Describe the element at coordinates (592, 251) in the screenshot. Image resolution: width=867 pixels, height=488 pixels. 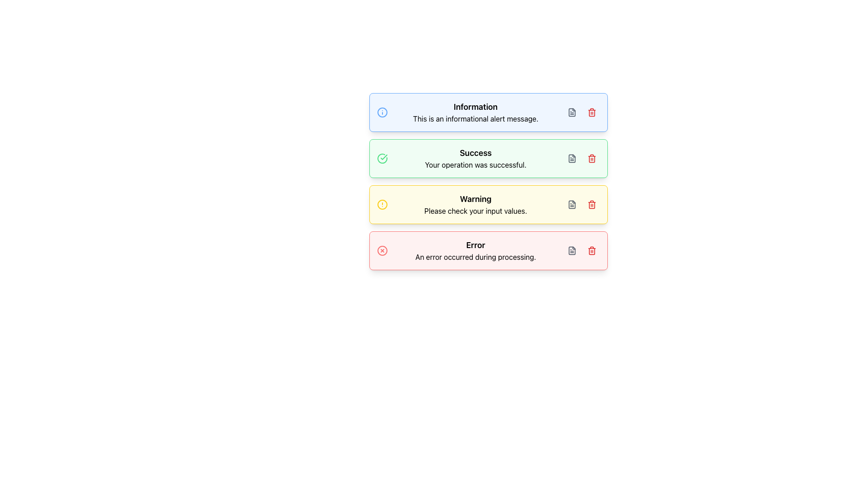
I see `the delete button icon located in the last row next to the 'Error' message` at that location.